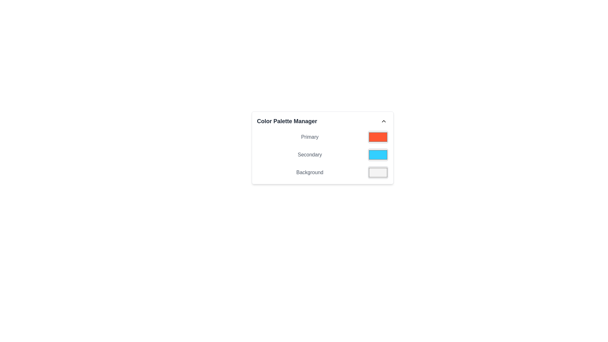 This screenshot has height=342, width=608. What do you see at coordinates (310, 136) in the screenshot?
I see `the text label that describes the primary color in the Color Palette Manager, located in the uppermost row next to the color preview box` at bounding box center [310, 136].